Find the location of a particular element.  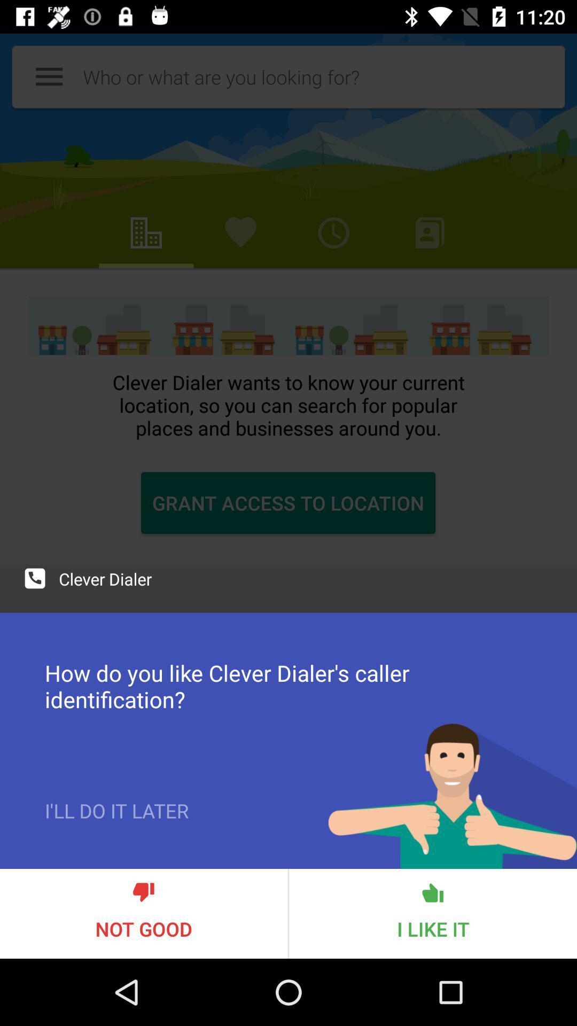

i ll do is located at coordinates (116, 833).